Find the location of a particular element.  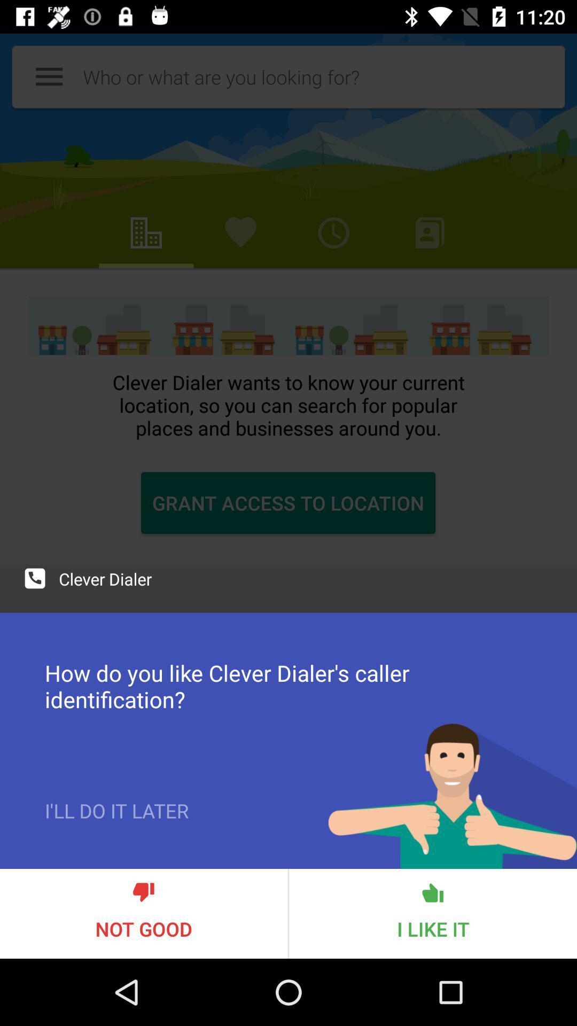

i ll do is located at coordinates (116, 833).